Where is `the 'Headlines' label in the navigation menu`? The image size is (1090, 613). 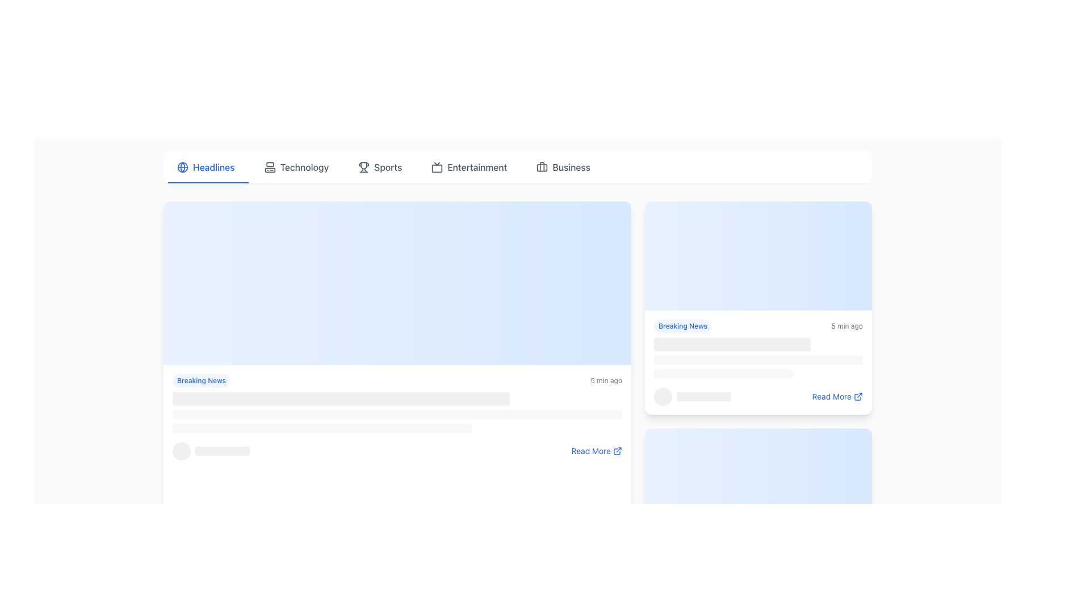 the 'Headlines' label in the navigation menu is located at coordinates (213, 167).